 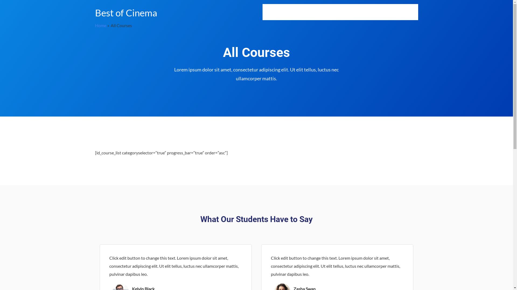 What do you see at coordinates (95, 25) in the screenshot?
I see `'Home'` at bounding box center [95, 25].